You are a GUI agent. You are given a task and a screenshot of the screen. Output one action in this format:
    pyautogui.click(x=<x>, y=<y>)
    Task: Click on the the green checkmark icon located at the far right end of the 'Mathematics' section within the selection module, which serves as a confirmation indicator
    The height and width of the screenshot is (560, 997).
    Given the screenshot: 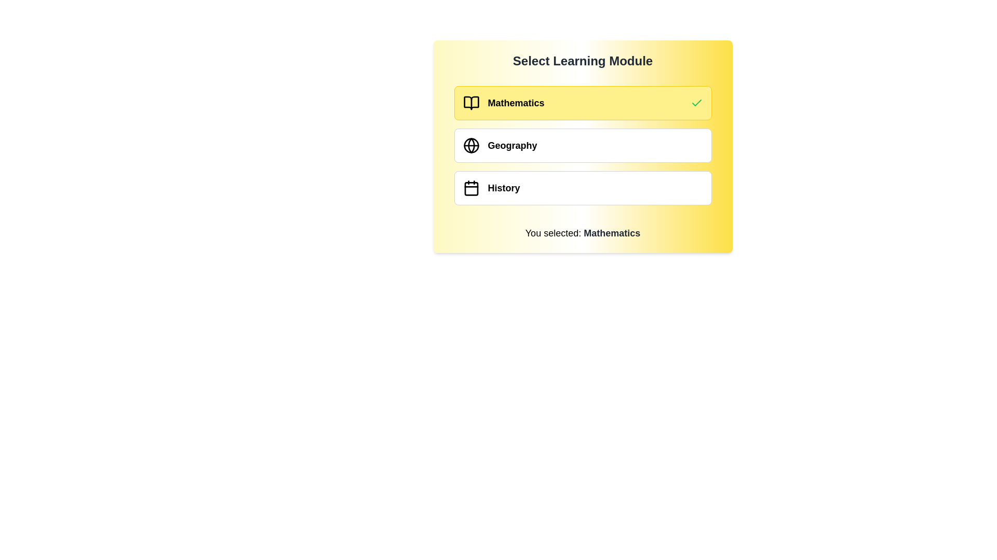 What is the action you would take?
    pyautogui.click(x=696, y=103)
    